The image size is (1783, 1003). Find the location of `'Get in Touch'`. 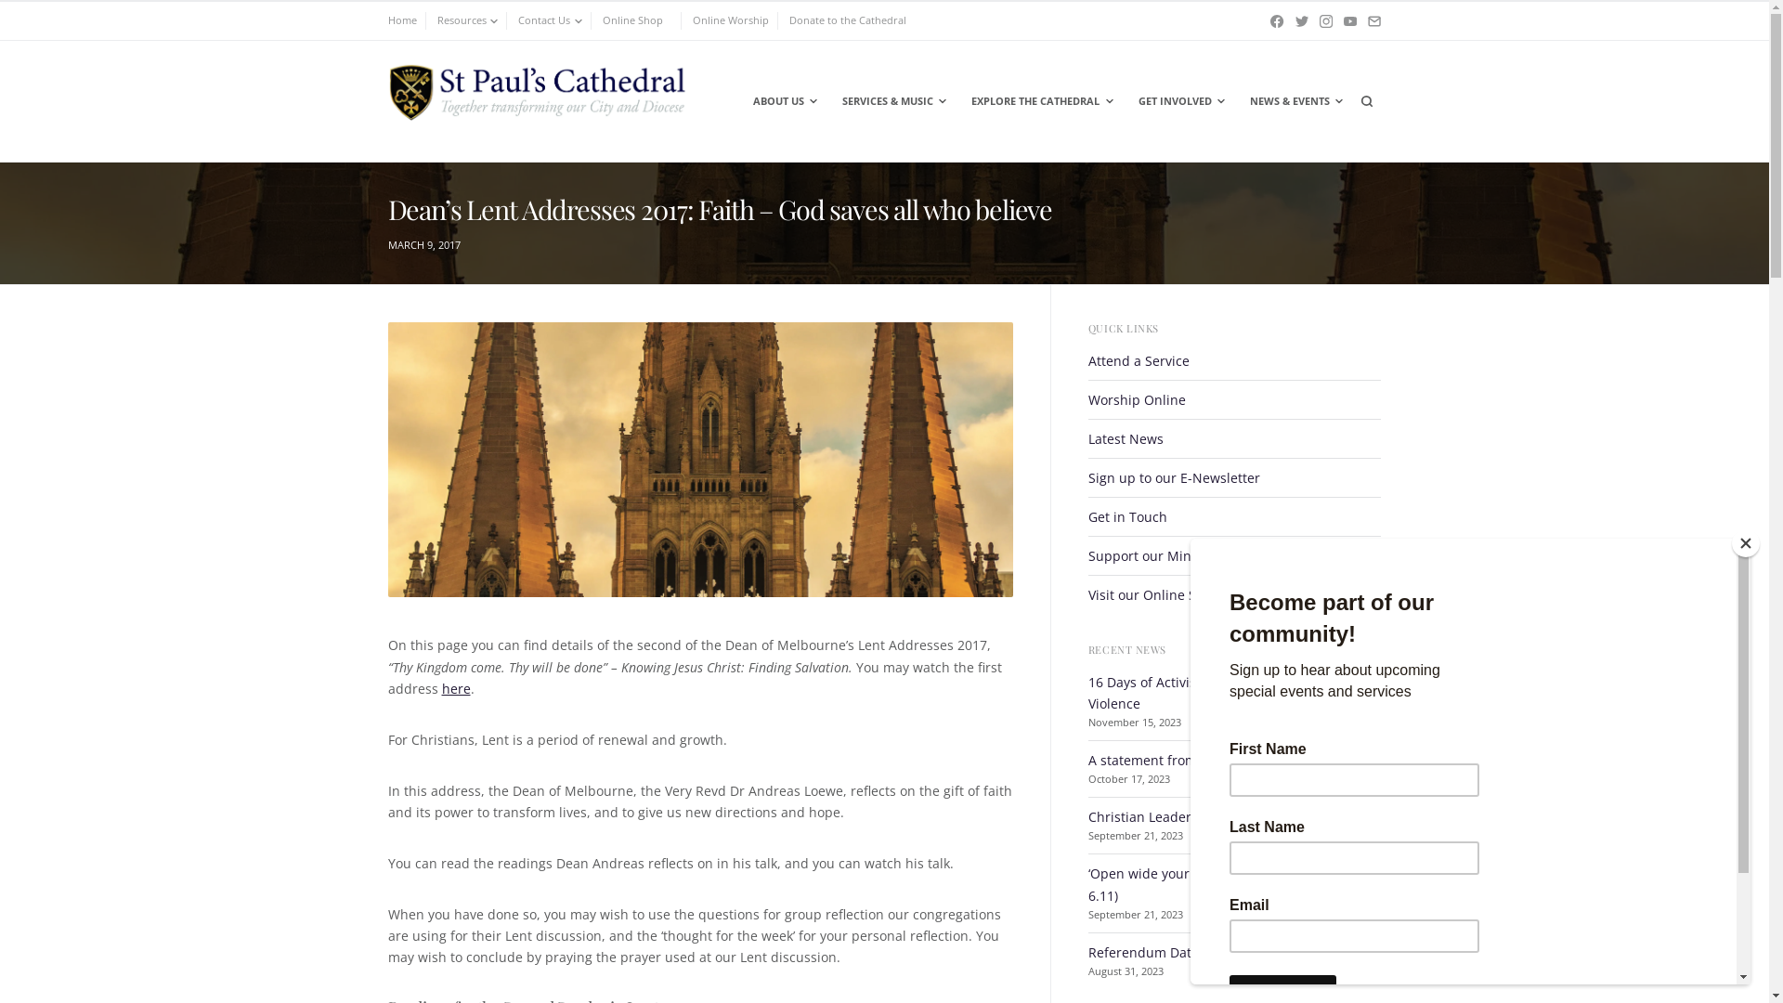

'Get in Touch' is located at coordinates (1126, 516).